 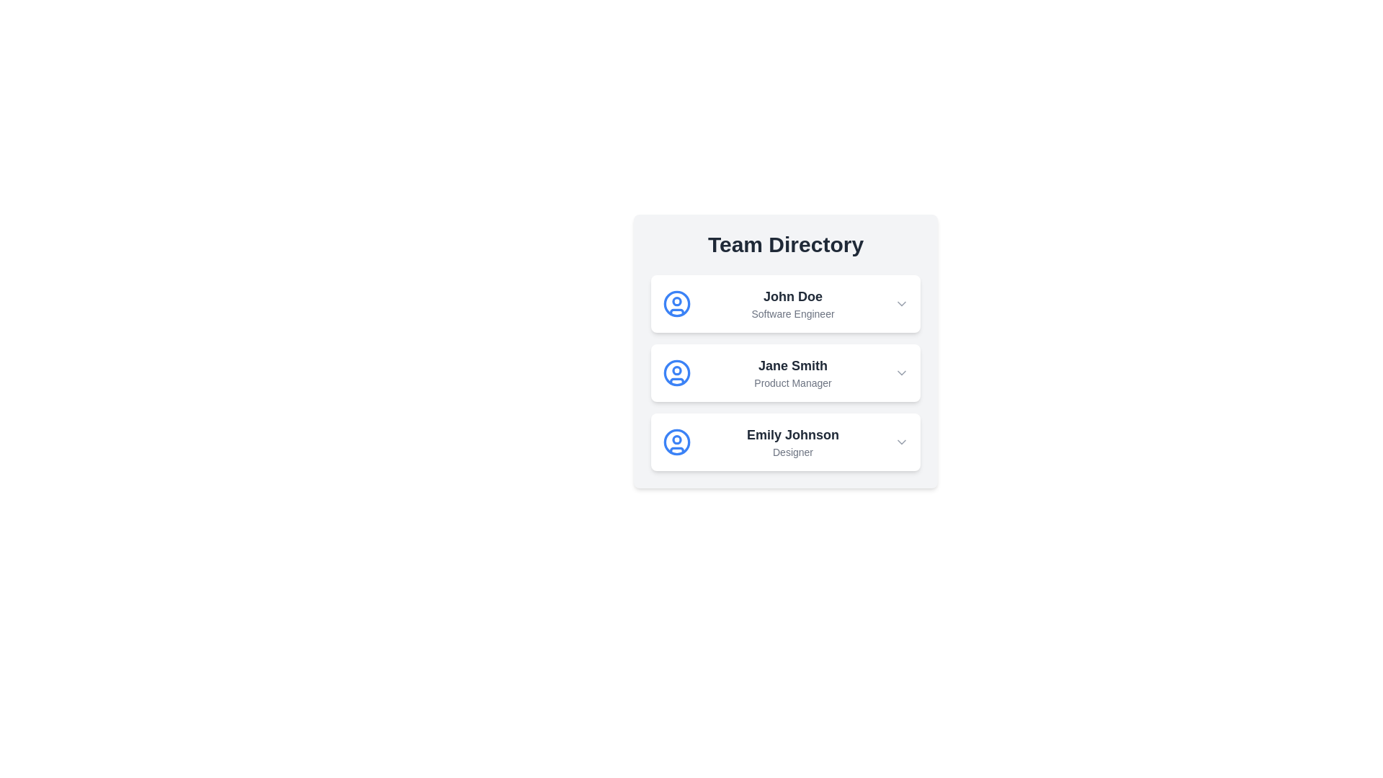 I want to click on the dropdown icon for John Doe to reveal additional options, so click(x=901, y=303).